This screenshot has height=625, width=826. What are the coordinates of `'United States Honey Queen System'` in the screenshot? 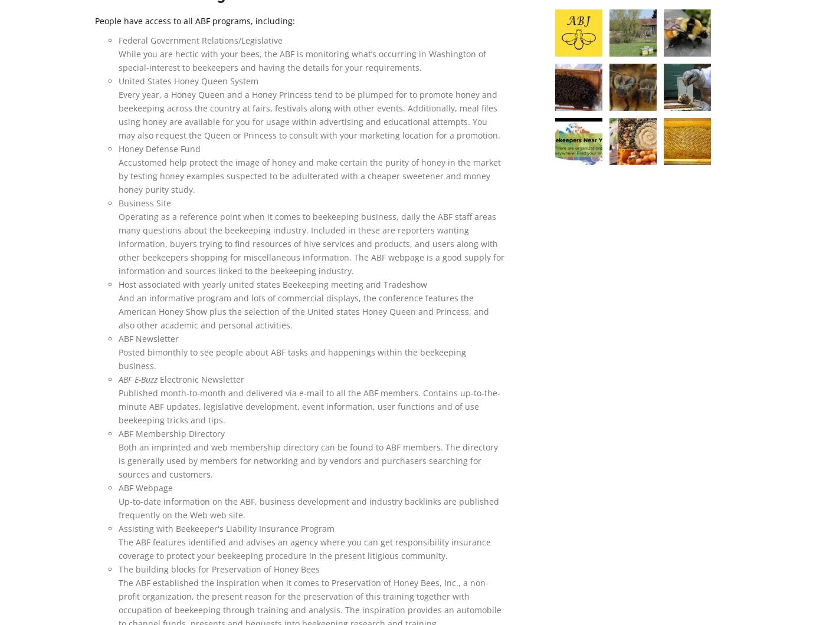 It's located at (188, 80).